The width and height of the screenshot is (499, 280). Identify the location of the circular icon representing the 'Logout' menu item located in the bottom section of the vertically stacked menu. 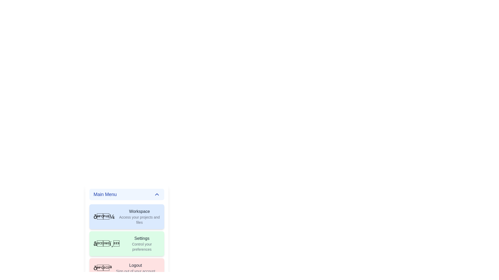
(103, 268).